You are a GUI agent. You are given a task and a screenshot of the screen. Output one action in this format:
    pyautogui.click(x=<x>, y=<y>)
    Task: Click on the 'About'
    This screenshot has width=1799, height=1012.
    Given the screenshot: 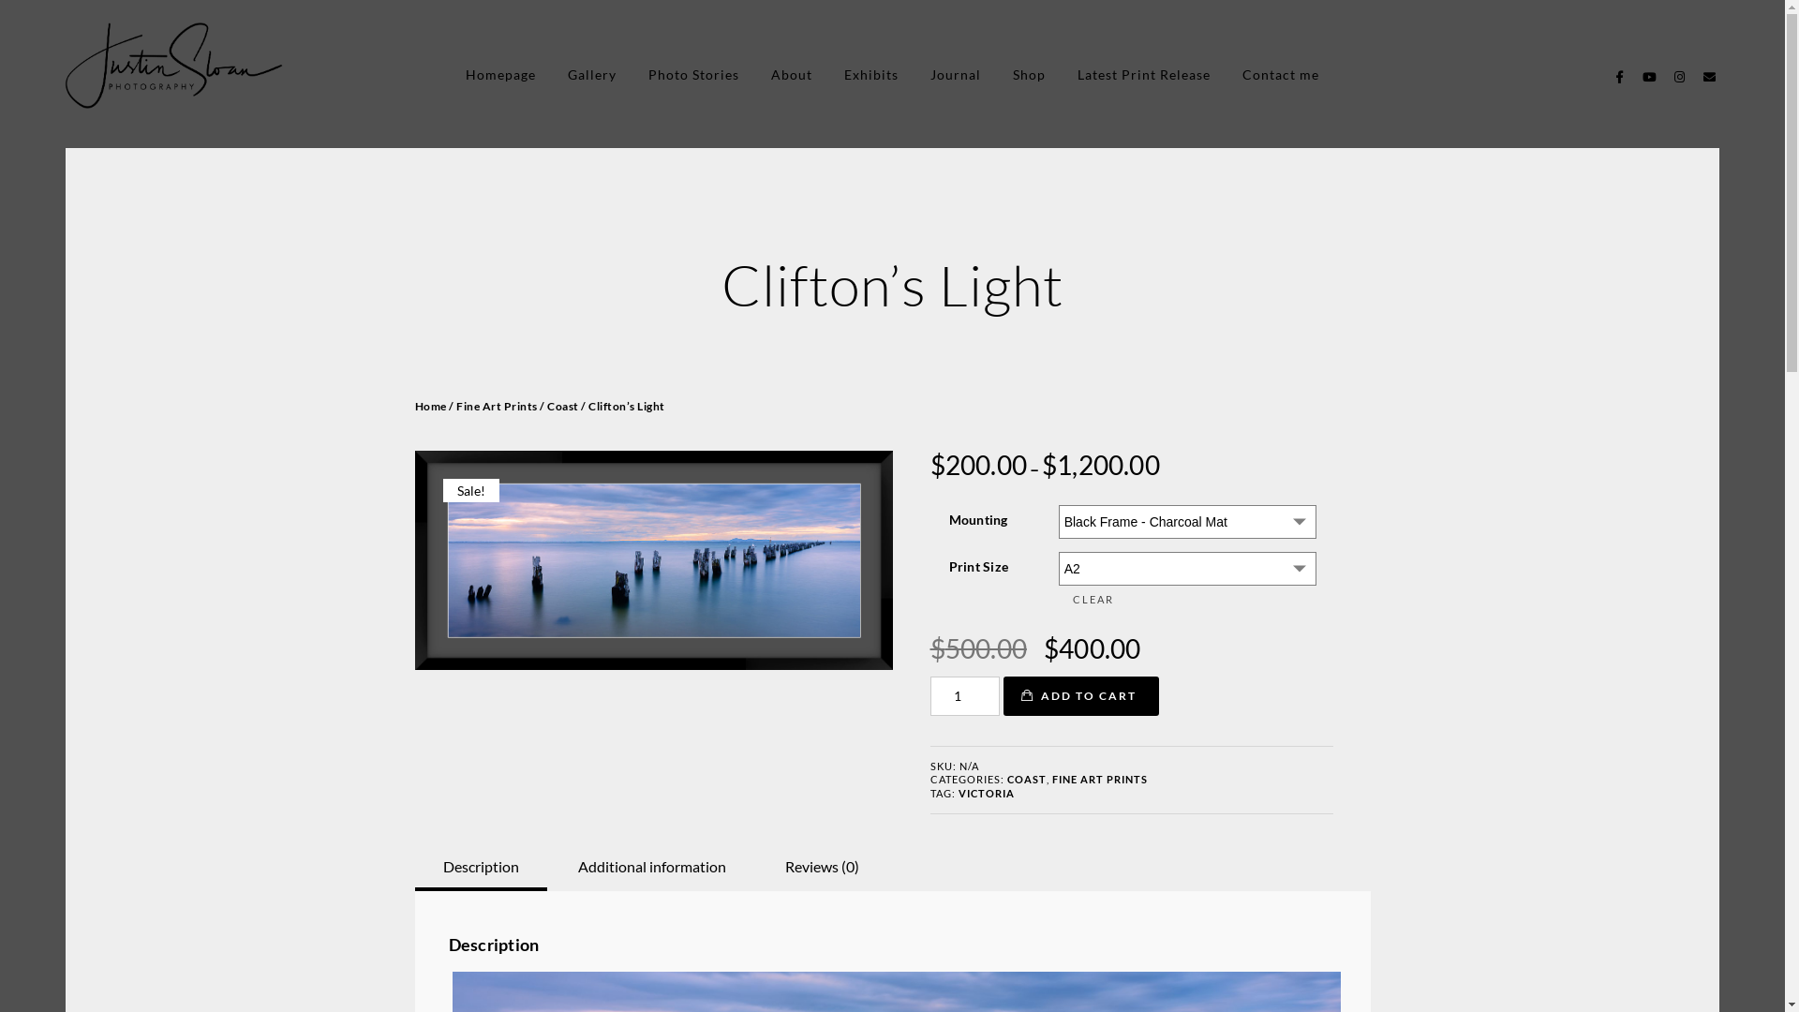 What is the action you would take?
    pyautogui.click(x=770, y=73)
    